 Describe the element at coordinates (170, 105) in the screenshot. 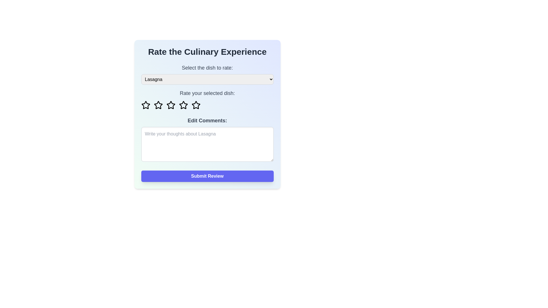

I see `the third star in the rating indicator` at that location.